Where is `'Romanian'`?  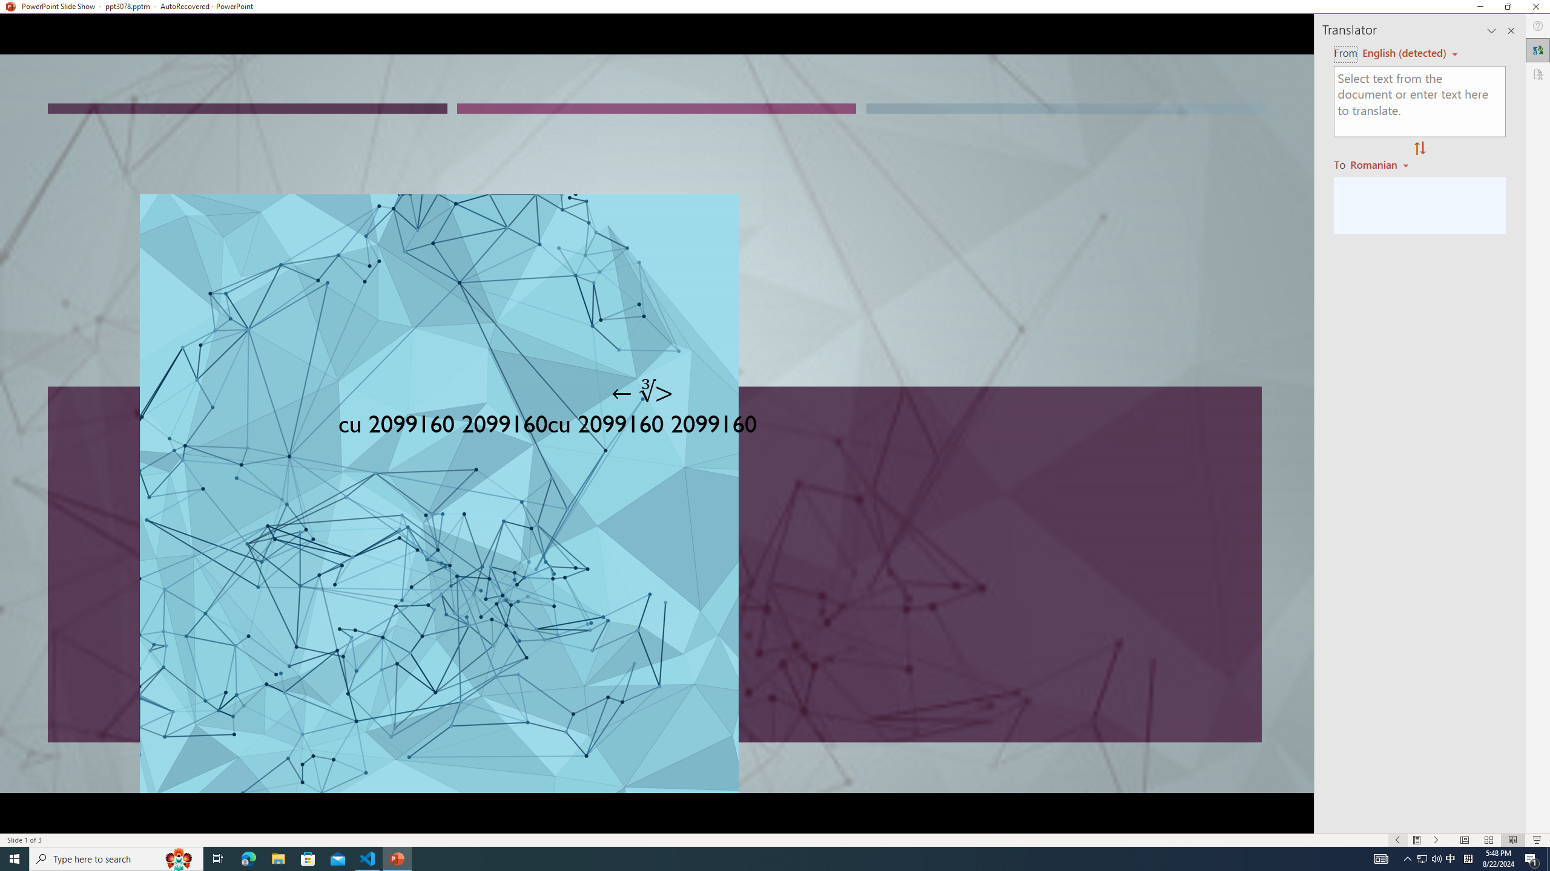 'Romanian' is located at coordinates (1380, 164).